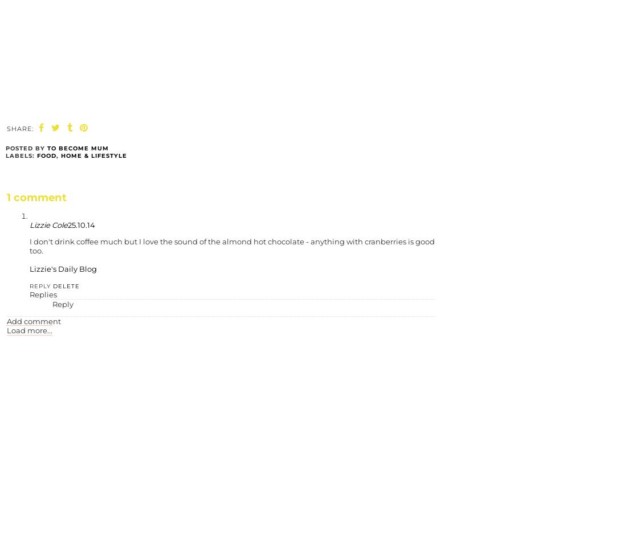  I want to click on 'Home & Lifestyle', so click(60, 156).